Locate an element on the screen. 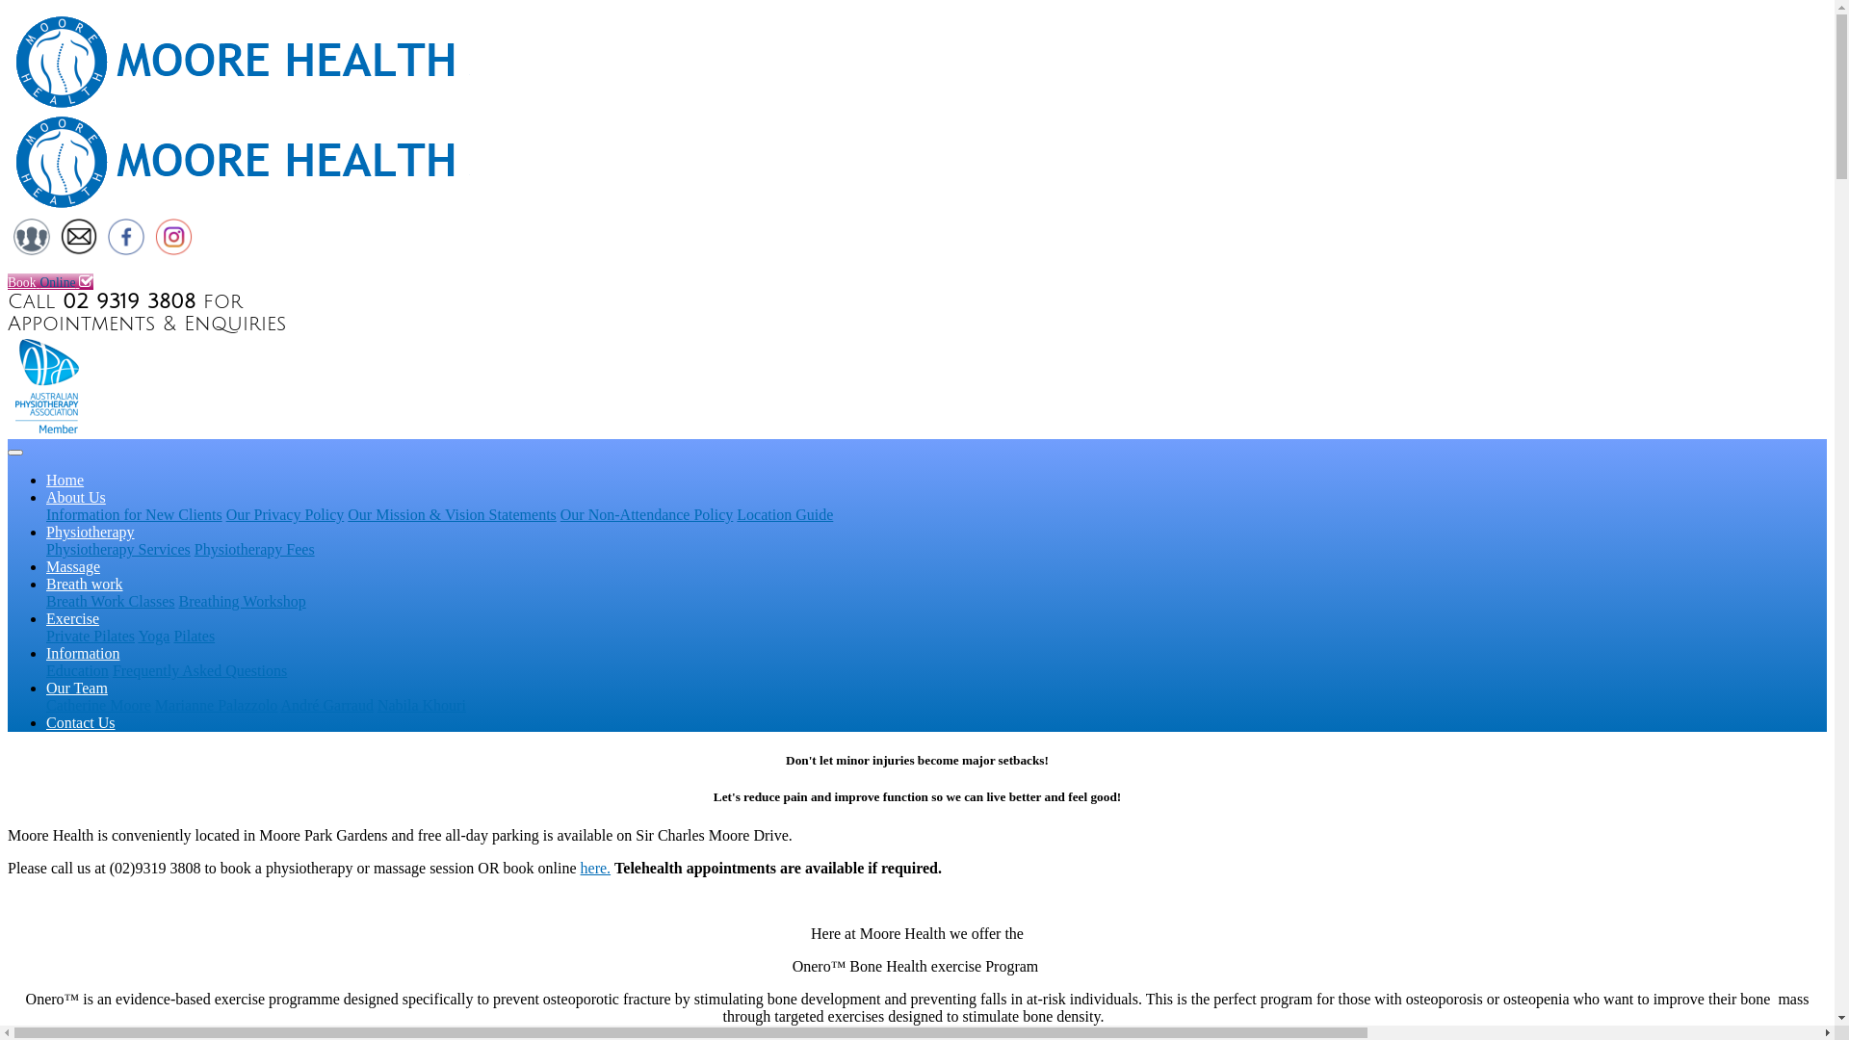 This screenshot has height=1040, width=1849. 'Location Guide' is located at coordinates (785, 513).